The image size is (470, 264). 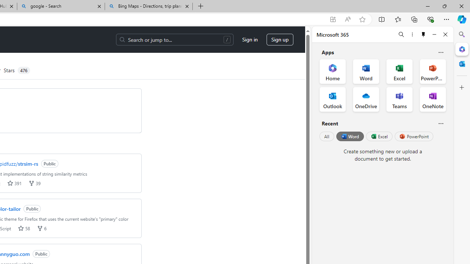 I want to click on 'stars 391', so click(x=14, y=183).